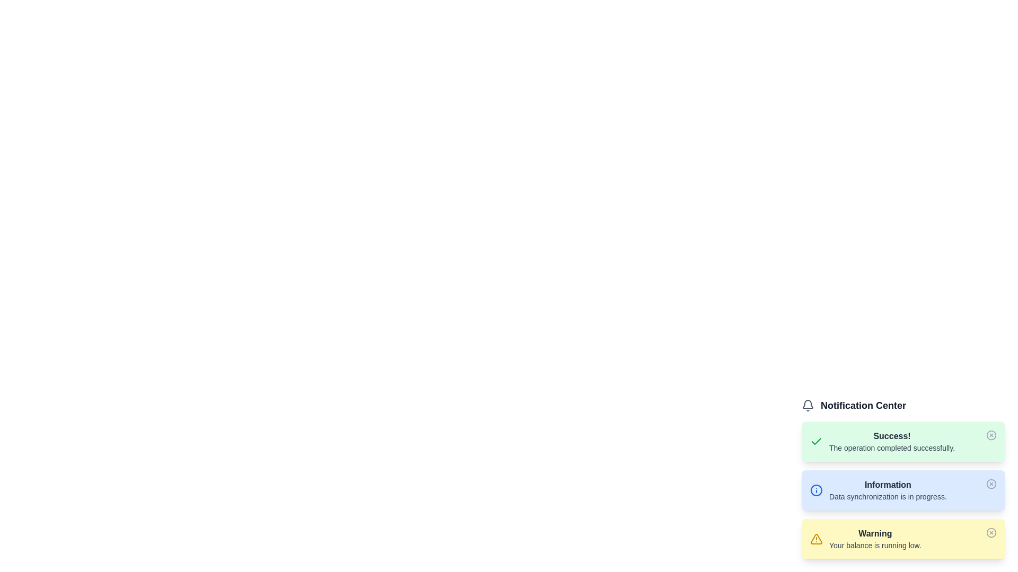 The width and height of the screenshot is (1018, 572). What do you see at coordinates (903, 490) in the screenshot?
I see `the Informational card with a light blue background that contains the title 'Information' and the text 'Data synchronization is in progress.'` at bounding box center [903, 490].